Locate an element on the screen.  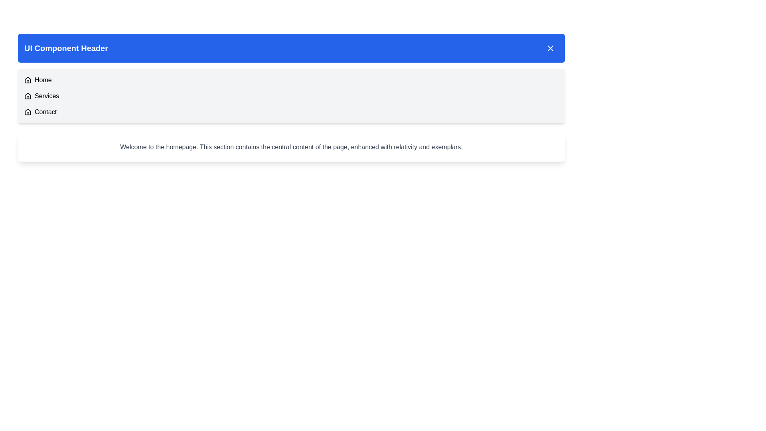
navigation link label titled 'Services', which is the second item in the vertical list of navigation links located centrally in the interface is located at coordinates (46, 95).